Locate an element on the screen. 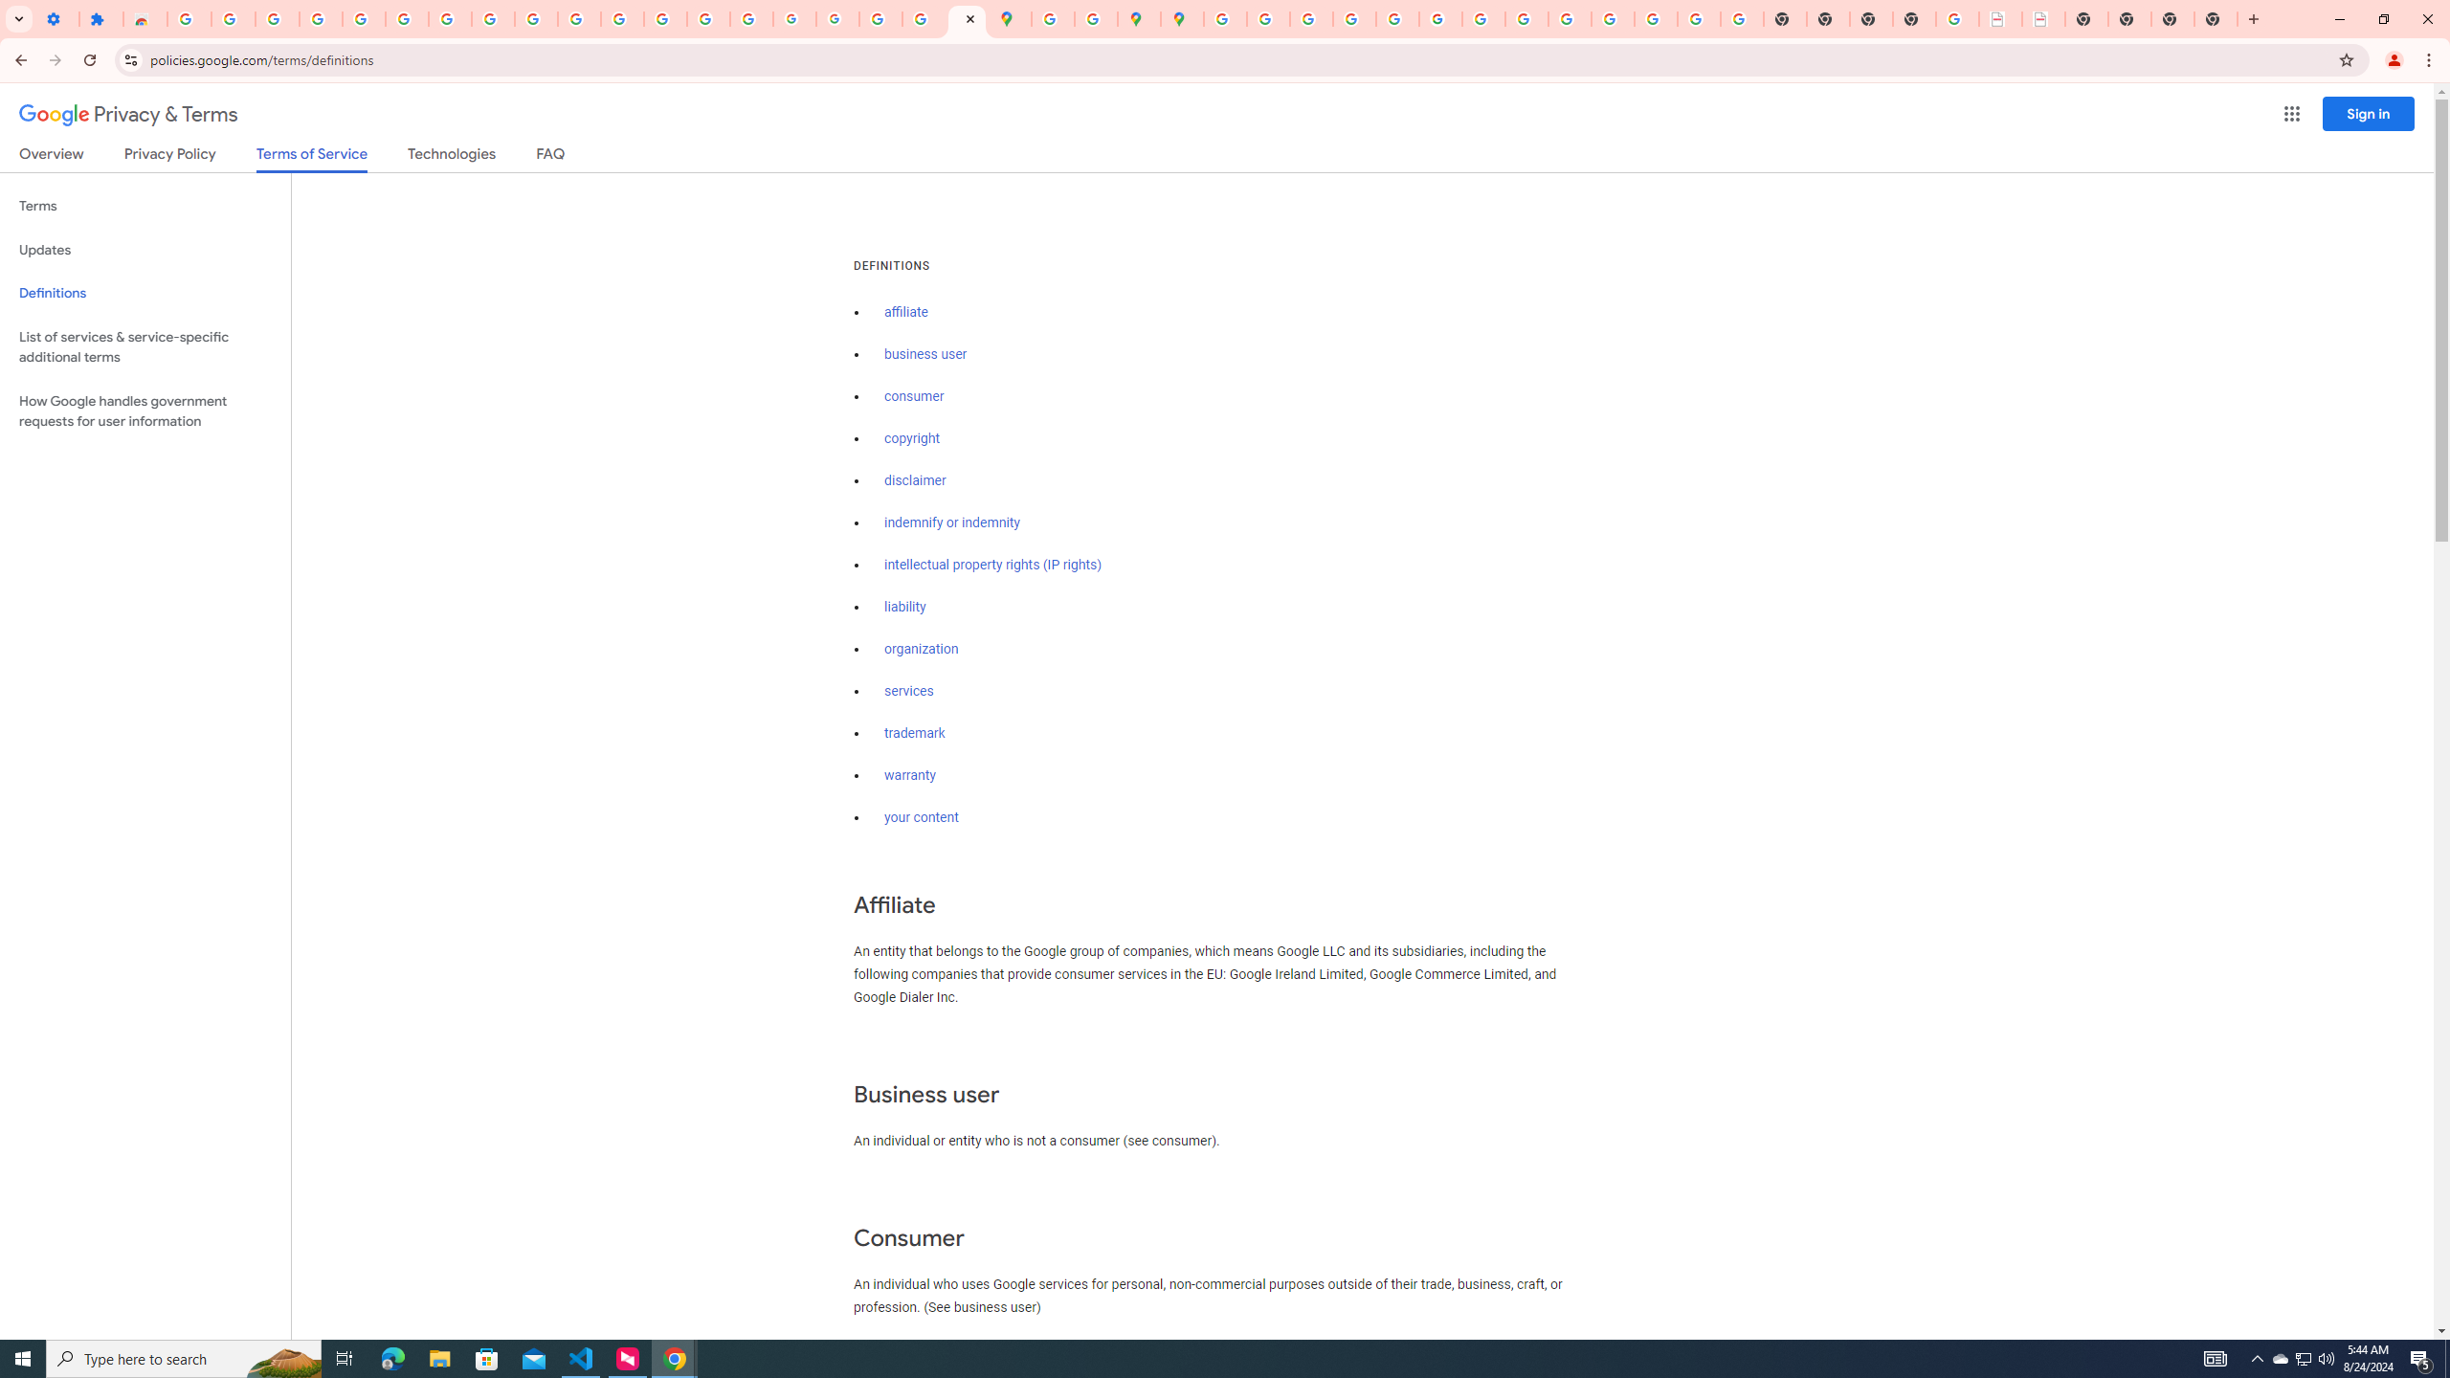 The width and height of the screenshot is (2450, 1378). 'consumer' is located at coordinates (914, 395).